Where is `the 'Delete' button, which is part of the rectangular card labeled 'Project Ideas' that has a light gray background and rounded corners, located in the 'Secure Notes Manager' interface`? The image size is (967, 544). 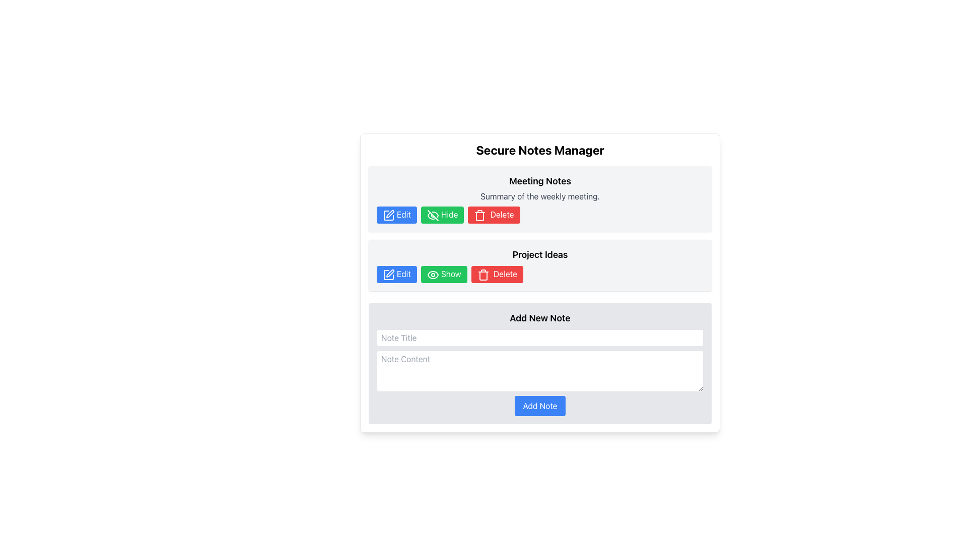
the 'Delete' button, which is part of the rectangular card labeled 'Project Ideas' that has a light gray background and rounded corners, located in the 'Secure Notes Manager' interface is located at coordinates (539, 264).